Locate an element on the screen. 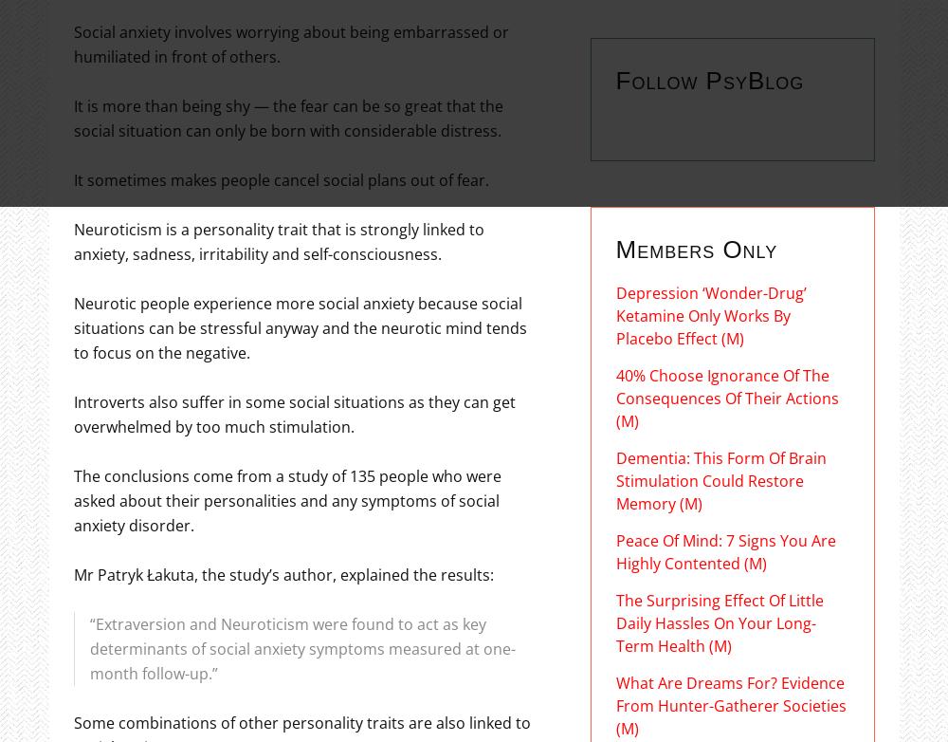 The image size is (948, 742). 'It is more than being shy — the fear can be so great that the social situation can only be born with considerable distress.' is located at coordinates (287, 118).